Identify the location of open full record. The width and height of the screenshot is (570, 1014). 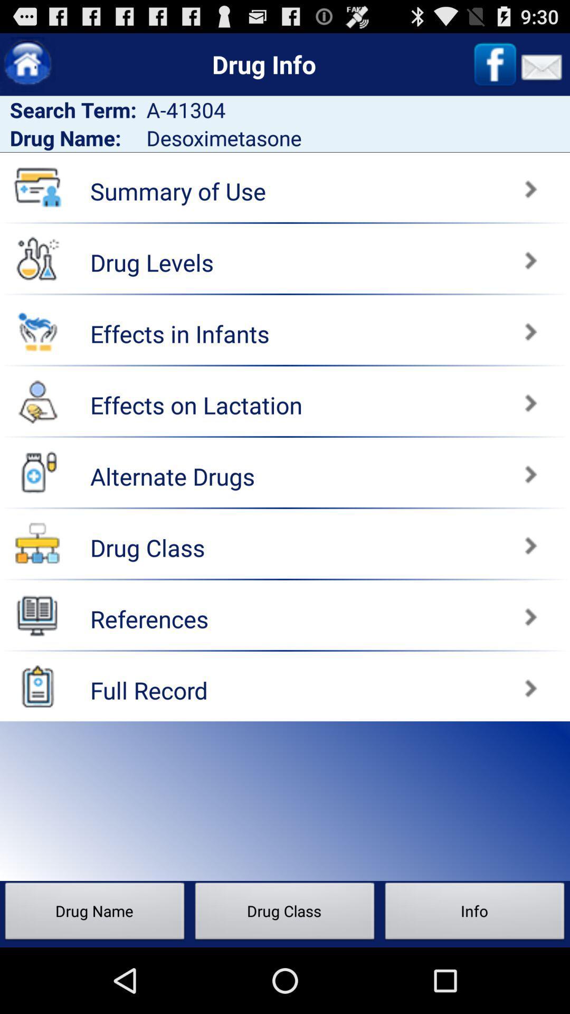
(37, 686).